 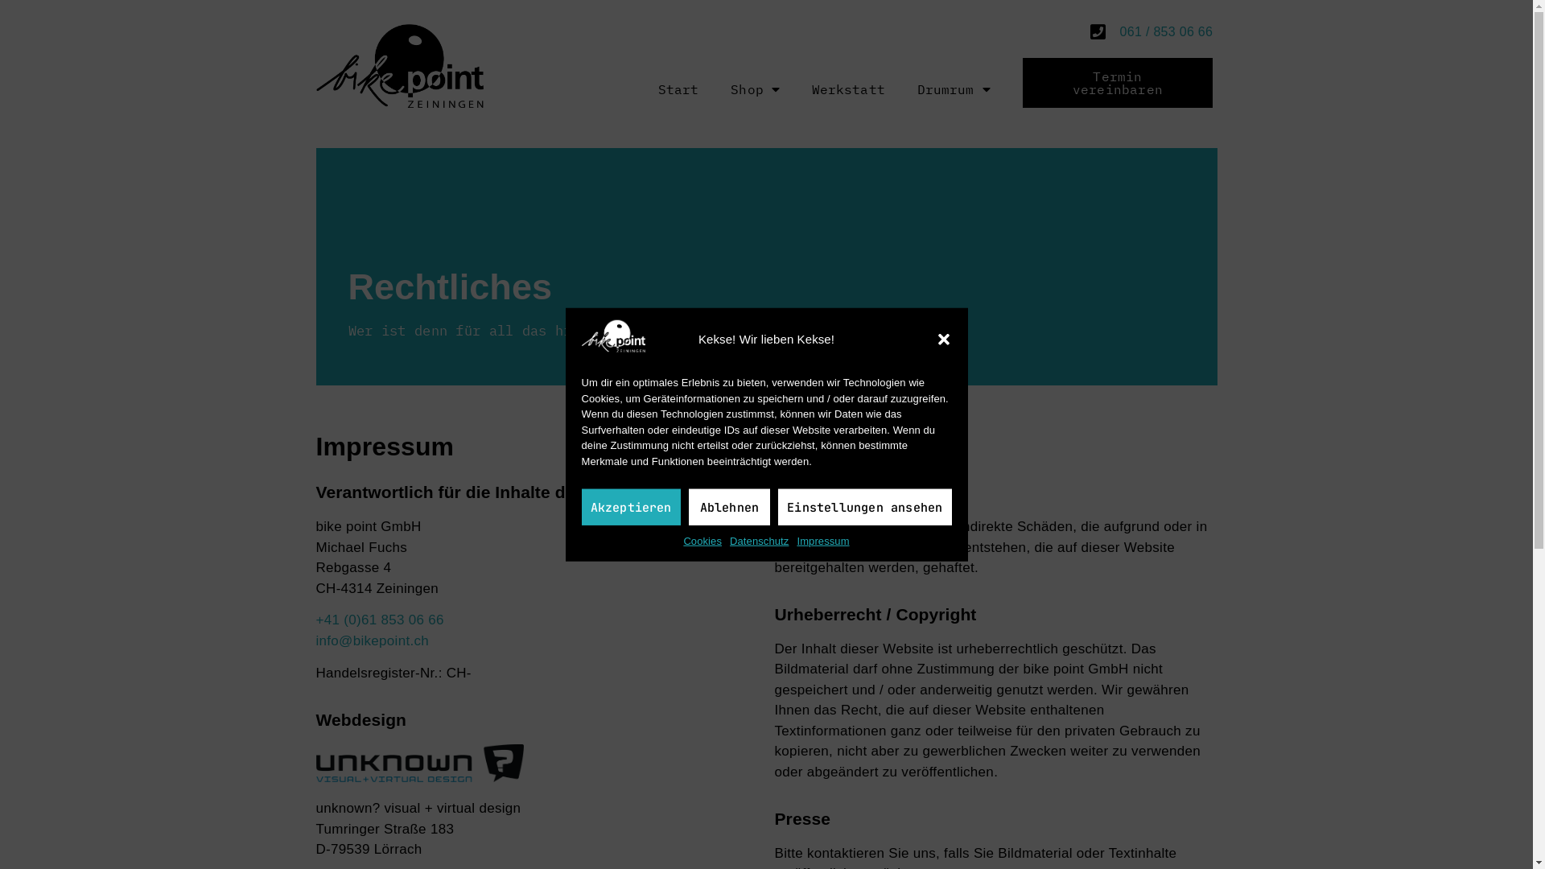 What do you see at coordinates (847, 89) in the screenshot?
I see `'Werkstatt'` at bounding box center [847, 89].